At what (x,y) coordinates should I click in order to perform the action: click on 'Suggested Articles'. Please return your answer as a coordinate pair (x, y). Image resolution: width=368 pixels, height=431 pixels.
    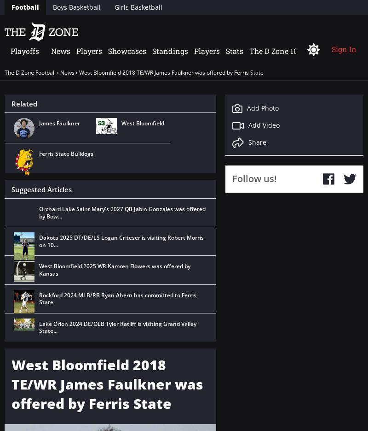
    Looking at the image, I should click on (41, 189).